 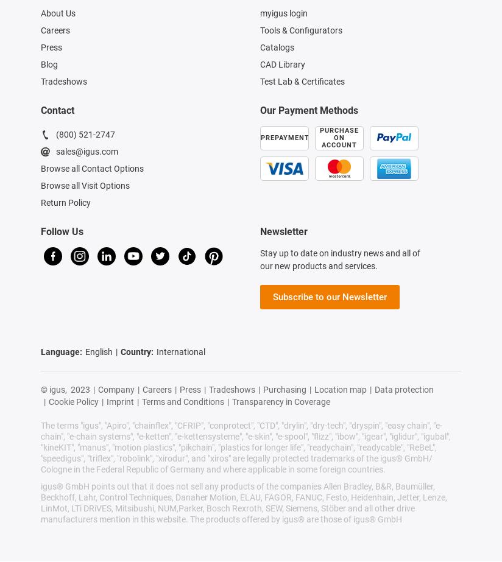 I want to click on 'Our Payment Methods', so click(x=308, y=110).